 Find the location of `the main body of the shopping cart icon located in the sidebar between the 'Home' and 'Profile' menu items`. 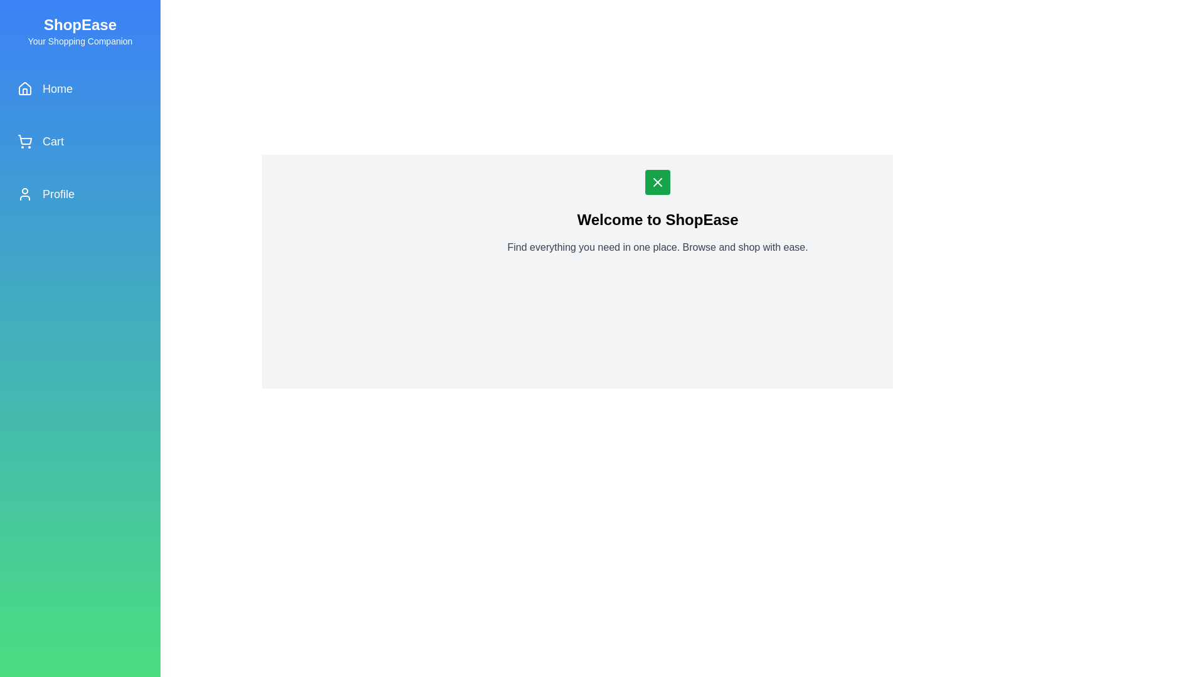

the main body of the shopping cart icon located in the sidebar between the 'Home' and 'Profile' menu items is located at coordinates (25, 140).